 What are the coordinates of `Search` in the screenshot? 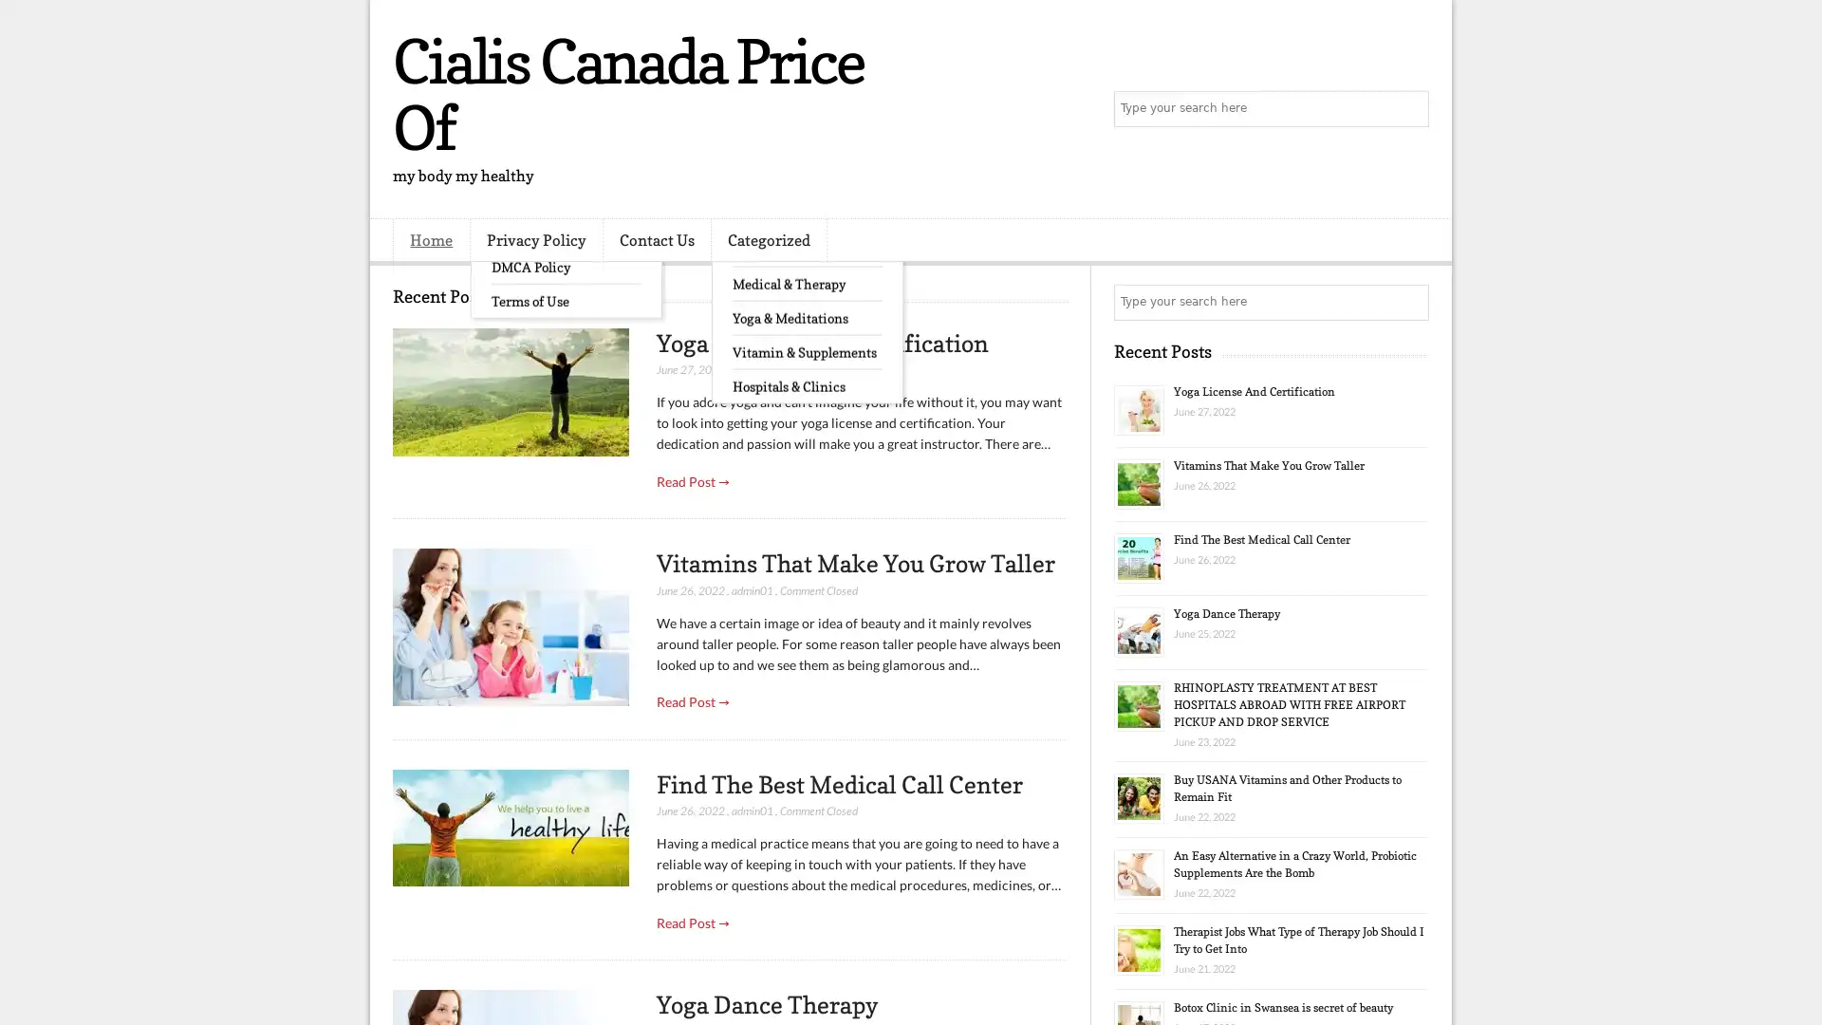 It's located at (1409, 302).